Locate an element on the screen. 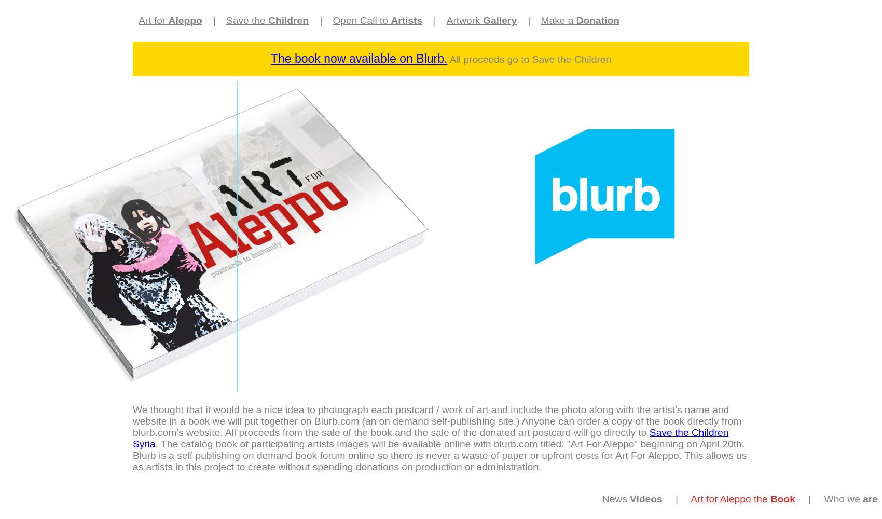 The height and width of the screenshot is (519, 882). 'News' is located at coordinates (615, 498).